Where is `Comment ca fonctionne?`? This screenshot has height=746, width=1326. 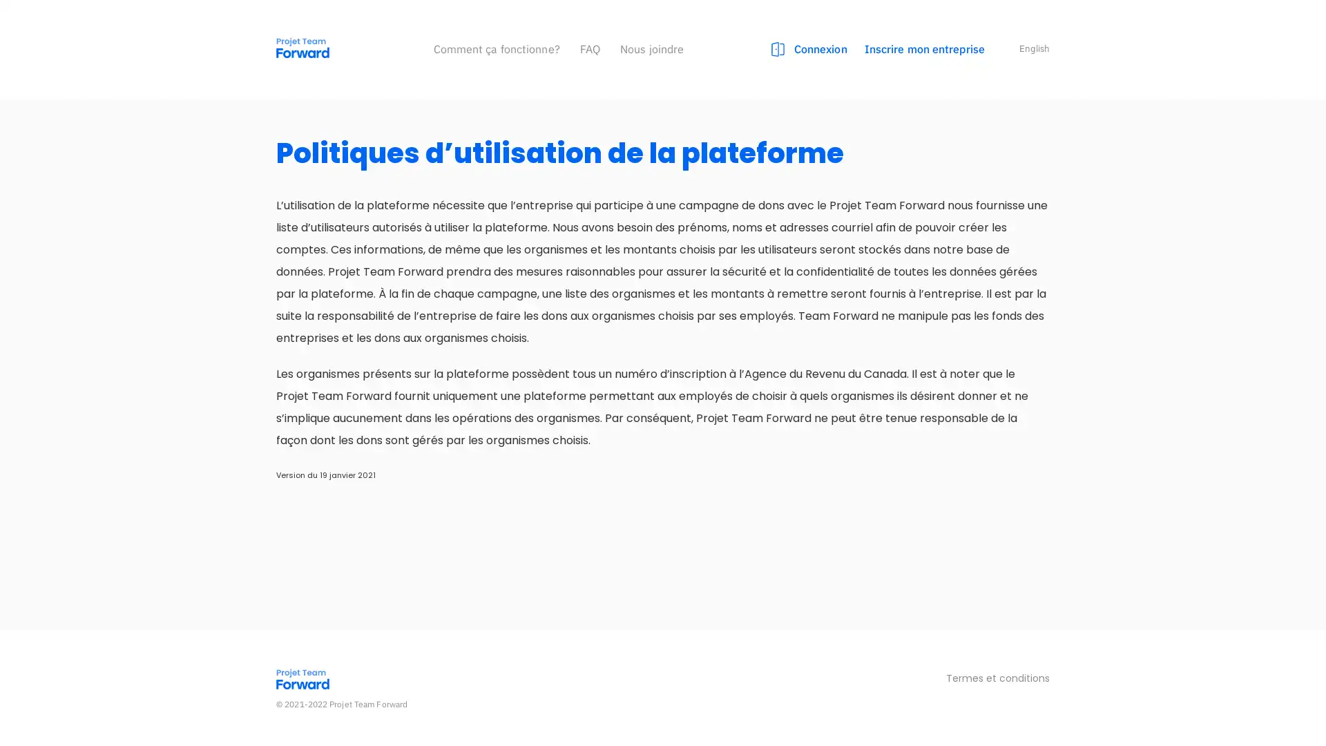
Comment ca fonctionne? is located at coordinates (496, 48).